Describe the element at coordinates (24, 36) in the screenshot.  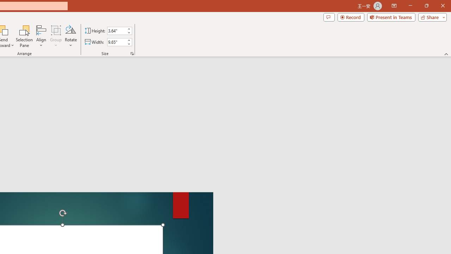
I see `'Selection Pane...'` at that location.